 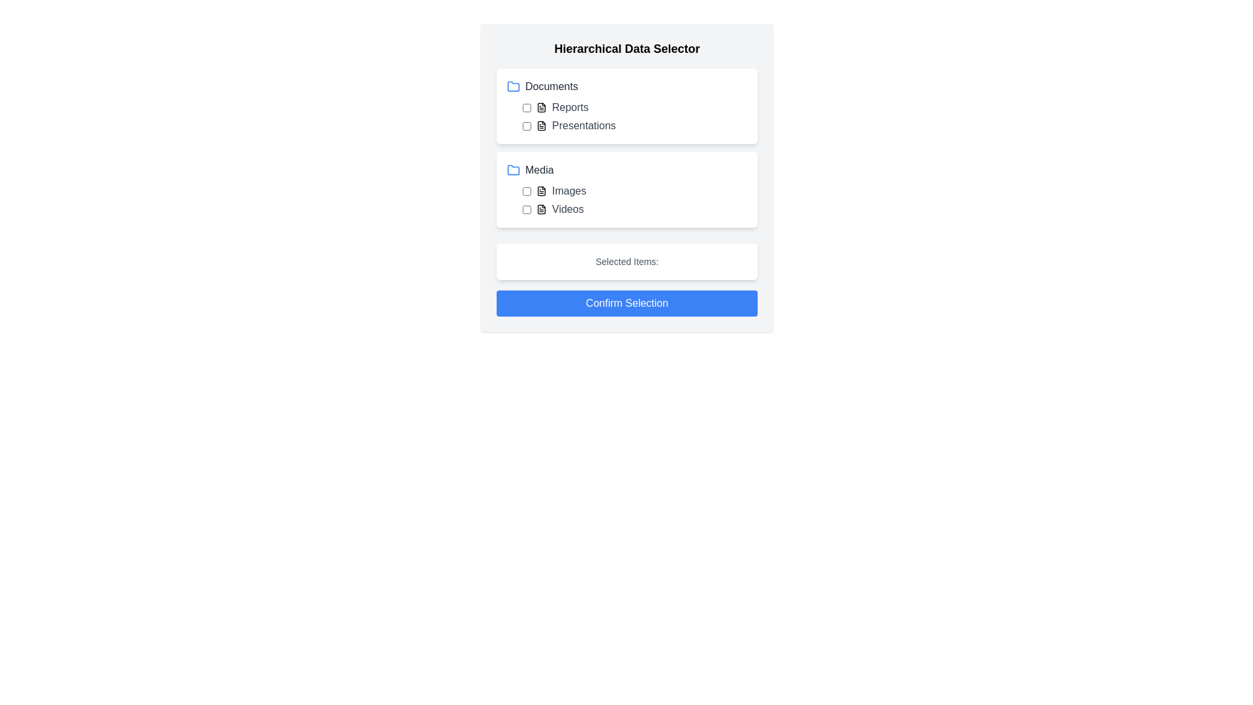 What do you see at coordinates (551, 86) in the screenshot?
I see `the Static text label indicating the 'Documents' category, located at the top-left of the selection pane, adjacent to the blue folder icon` at bounding box center [551, 86].